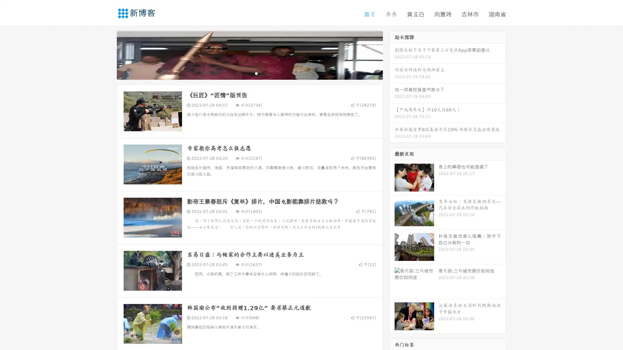 The image size is (623, 350). Describe the element at coordinates (243, 73) in the screenshot. I see `Go to slide 1` at that location.